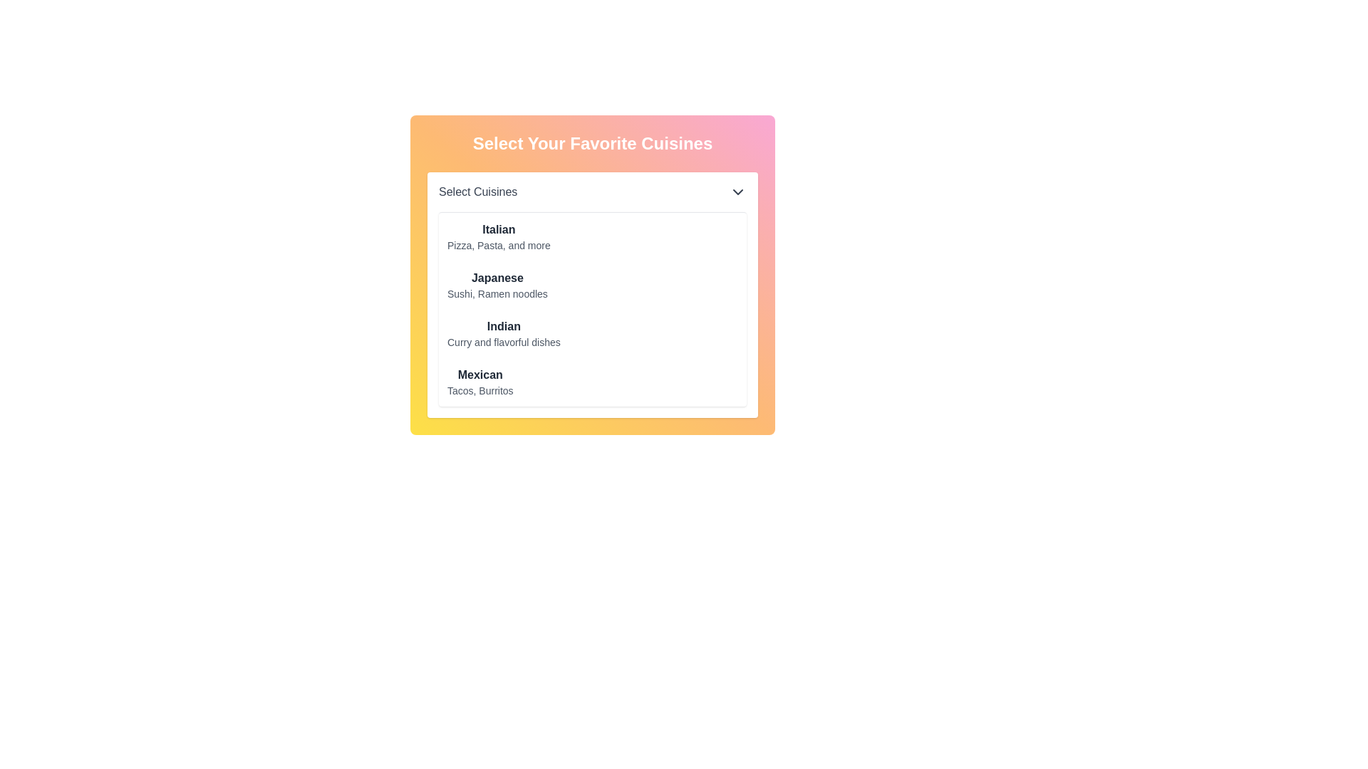 The image size is (1368, 769). What do you see at coordinates (738, 192) in the screenshot?
I see `the icon in the top right corner of the 'Select Cuisines' component` at bounding box center [738, 192].